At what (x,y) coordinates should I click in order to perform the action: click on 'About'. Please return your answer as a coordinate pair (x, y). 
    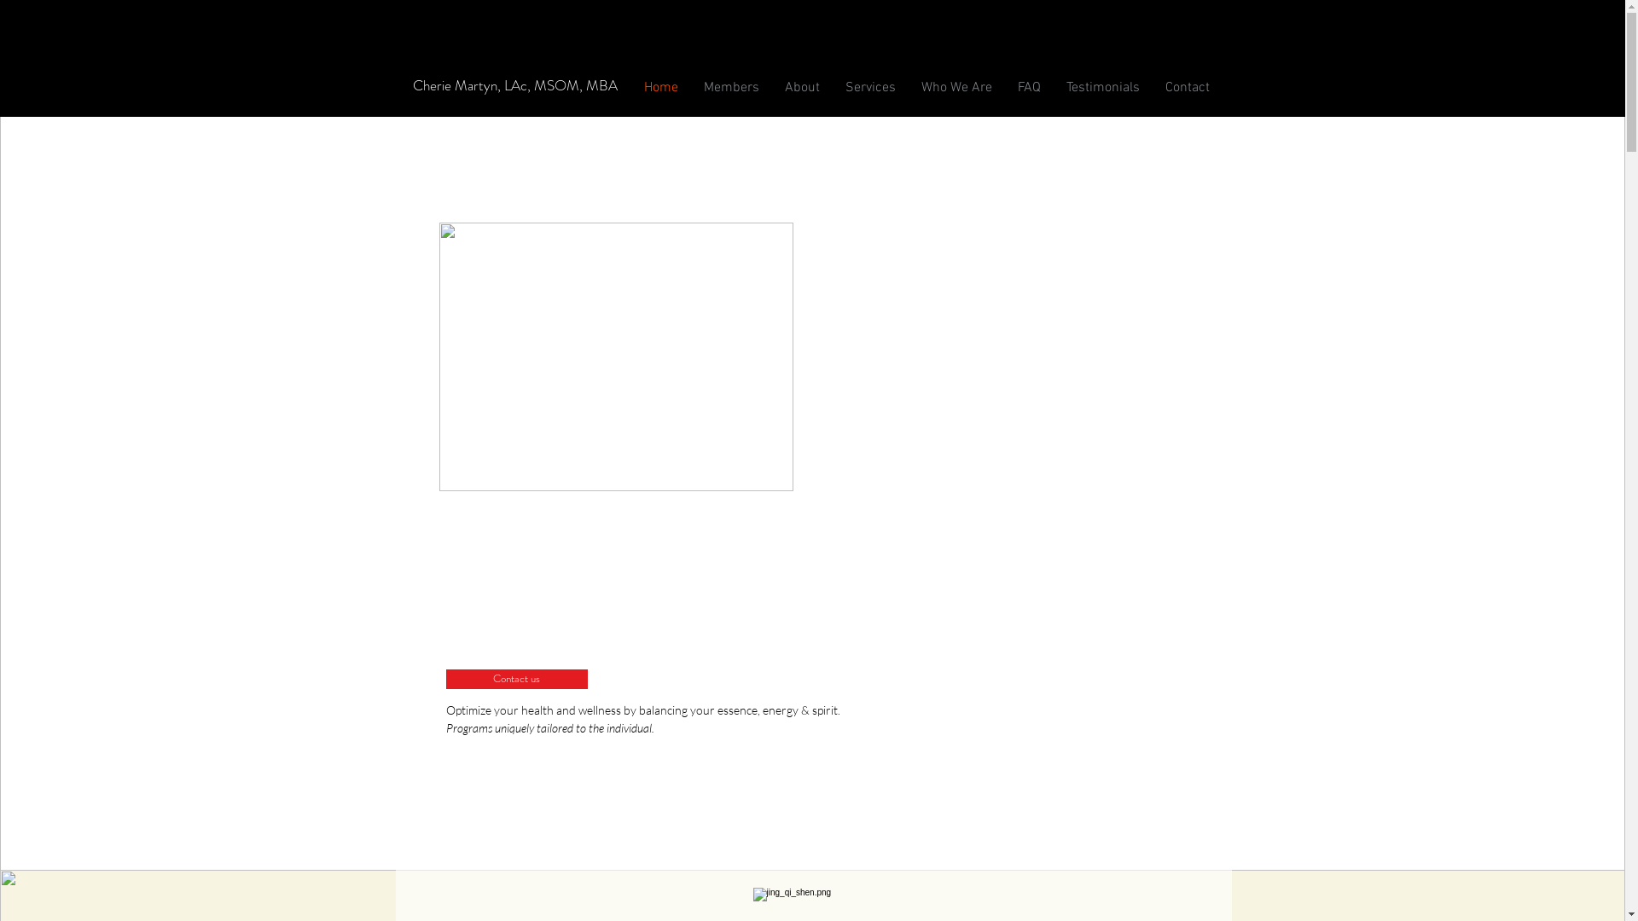
    Looking at the image, I should click on (800, 88).